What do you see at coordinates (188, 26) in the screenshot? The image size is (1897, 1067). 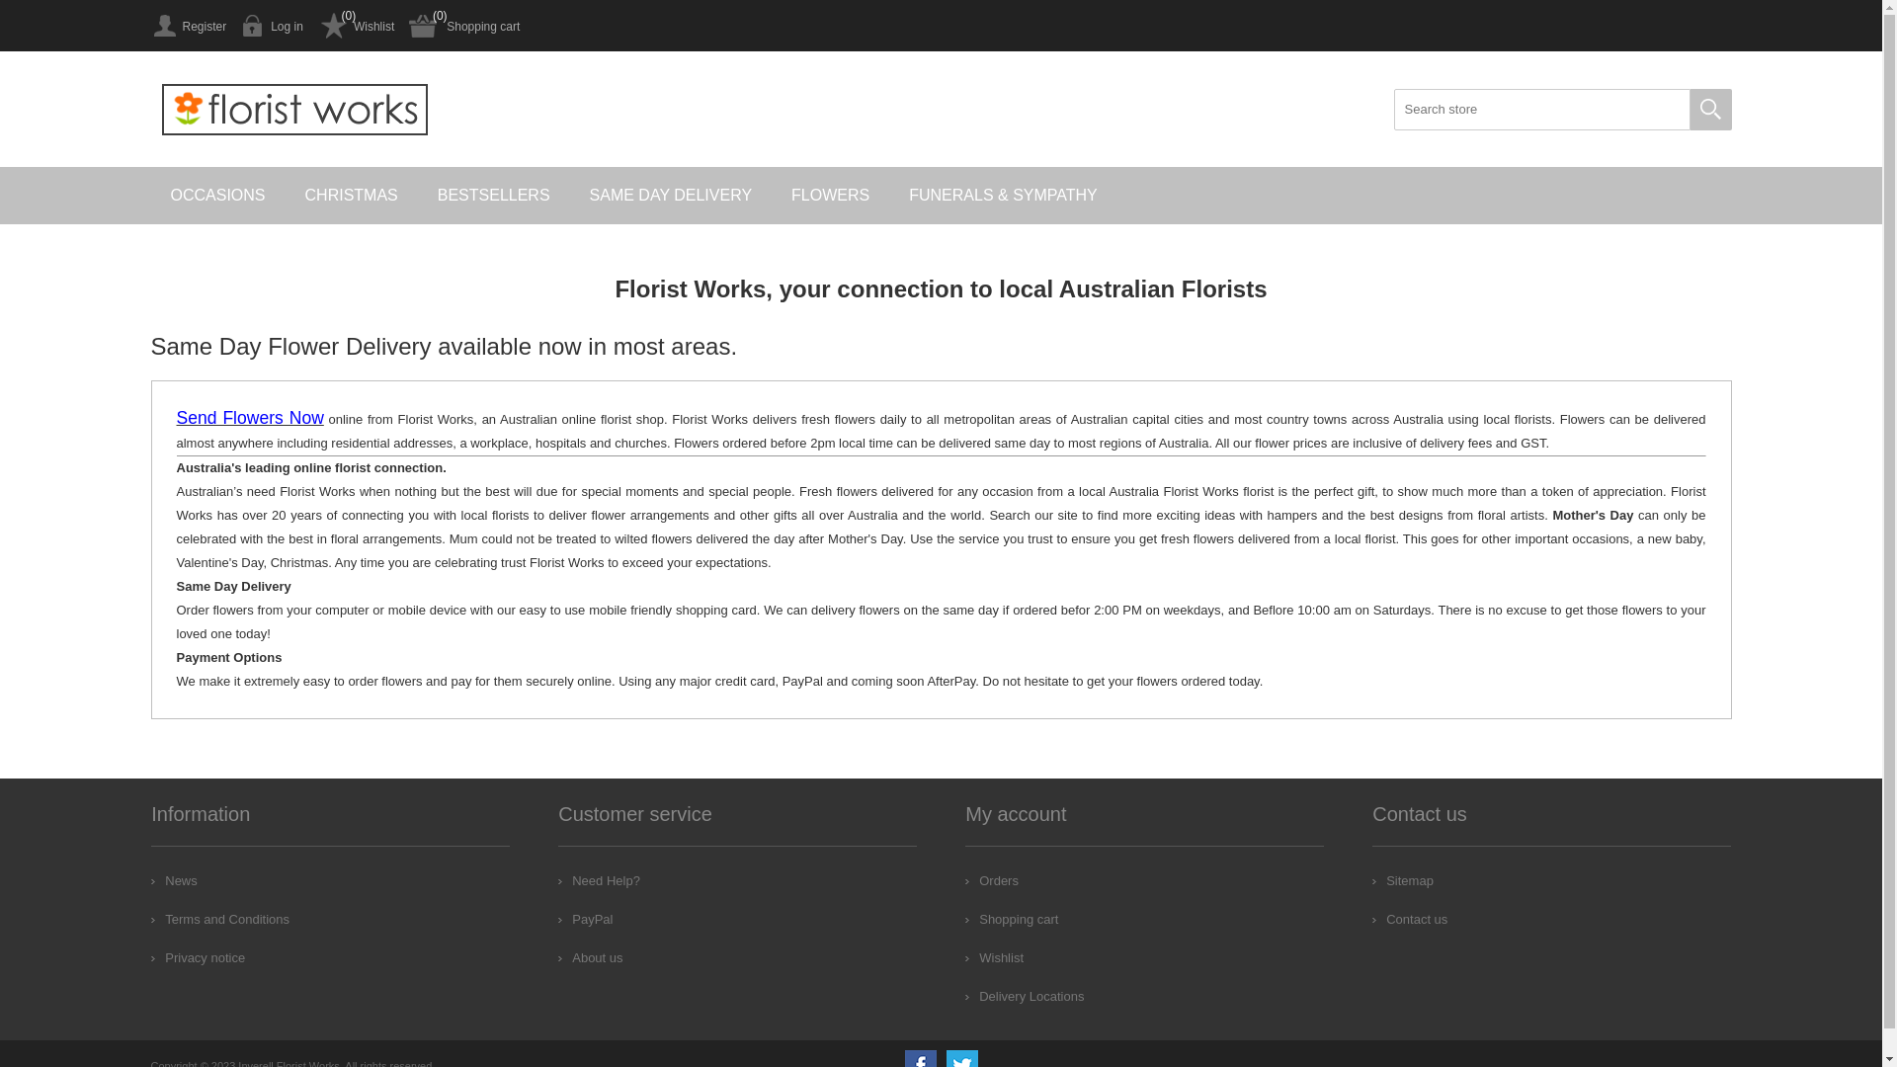 I see `'Register'` at bounding box center [188, 26].